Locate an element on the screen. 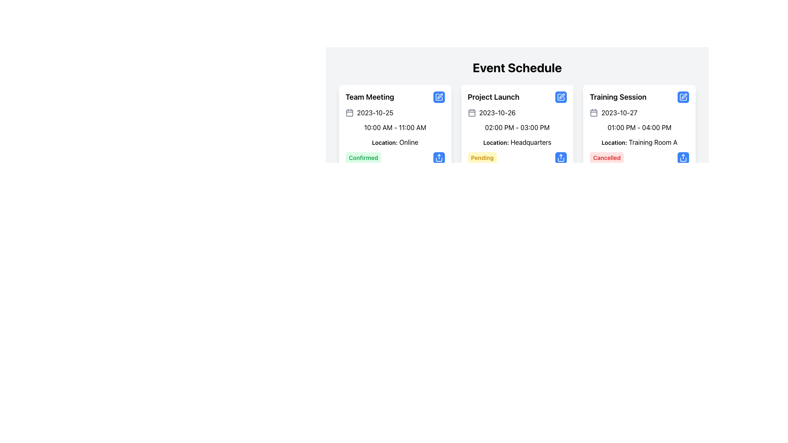  the text label titled 'Project Launch' located at the top of the middle card in a row of three cards is located at coordinates (517, 96).